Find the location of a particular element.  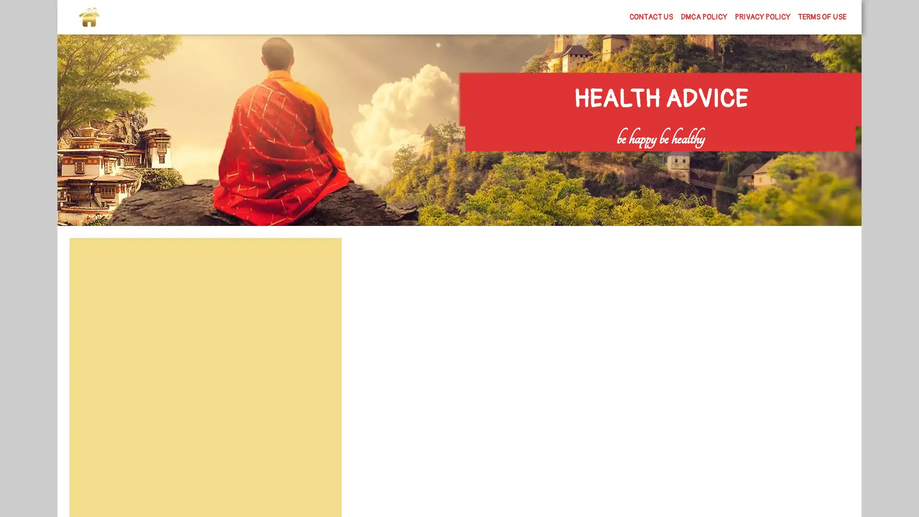

Search is located at coordinates (319, 261).